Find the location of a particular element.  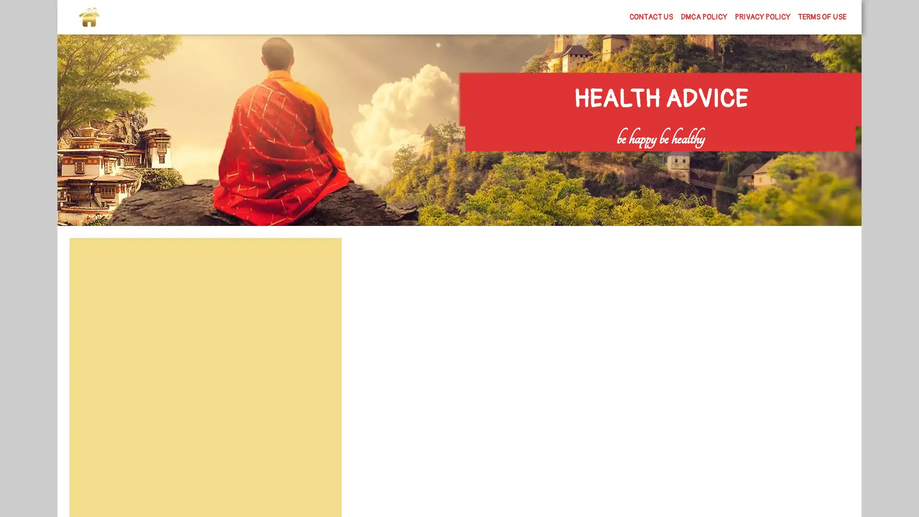

Search is located at coordinates (319, 261).